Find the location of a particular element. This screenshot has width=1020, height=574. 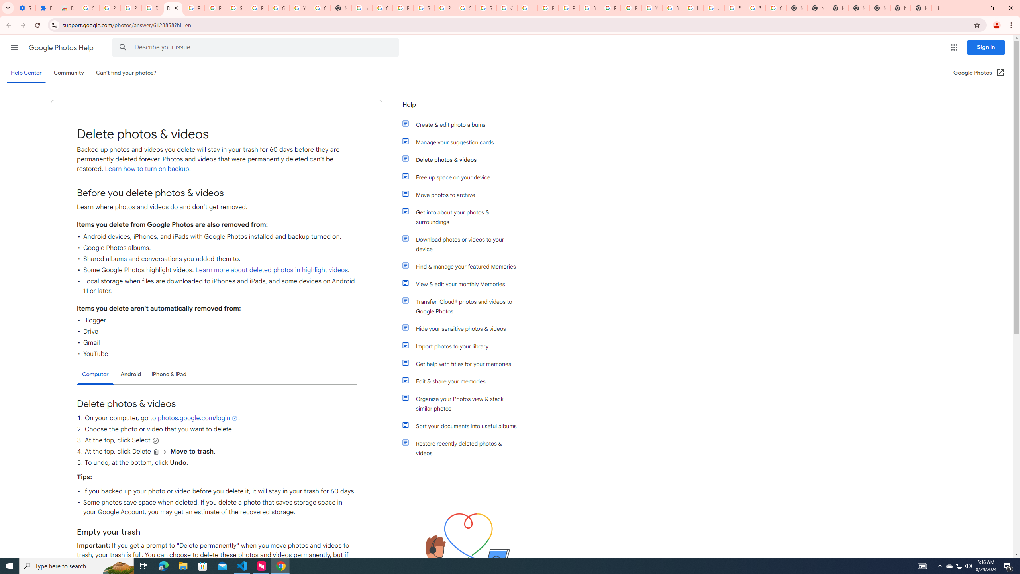

'Learn more about deleted photos in highlight videos' is located at coordinates (271, 270).